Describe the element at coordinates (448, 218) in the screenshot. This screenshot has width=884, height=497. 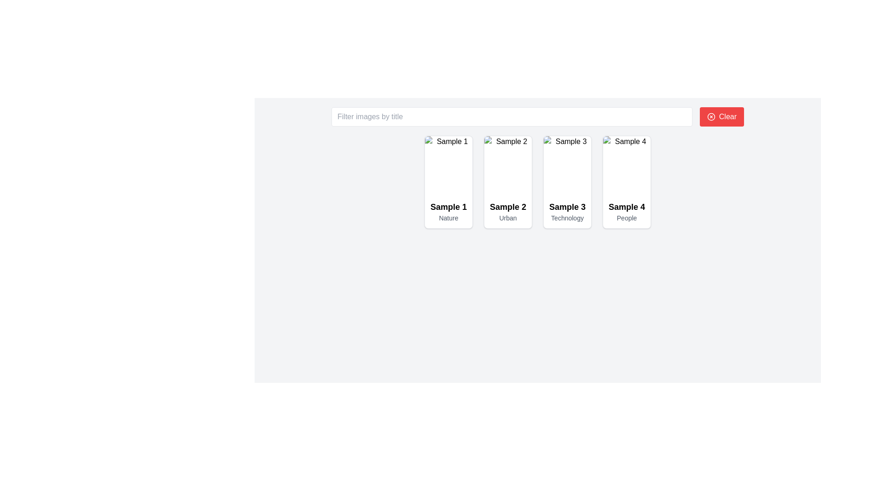
I see `the text label directly below the bold 'Sample 1' text in the first card of the card layout` at that location.